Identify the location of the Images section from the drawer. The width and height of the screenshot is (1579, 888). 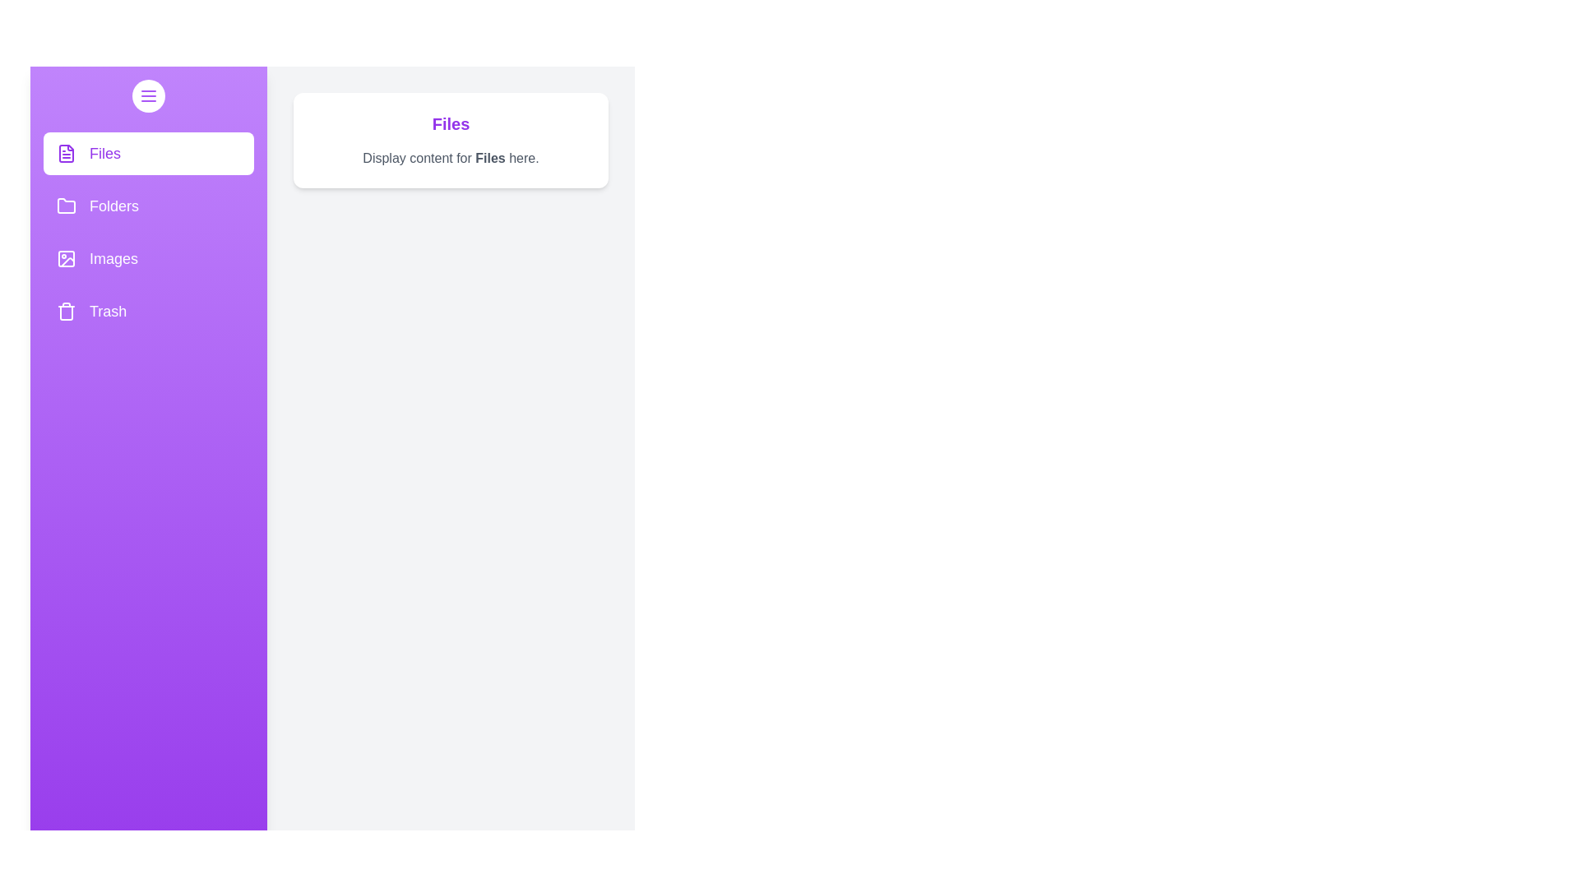
(149, 259).